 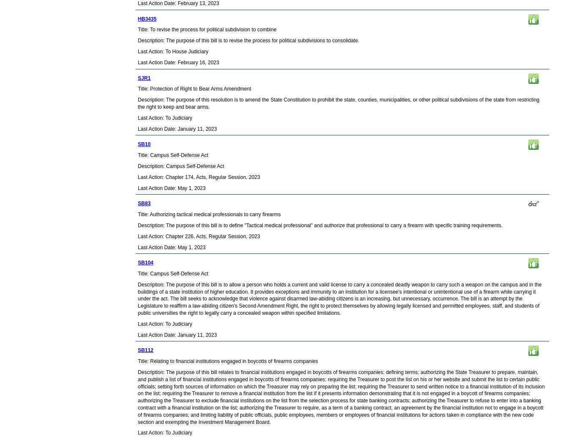 What do you see at coordinates (137, 103) in the screenshot?
I see `'Description: The purpose of this resolution is to amend the State Constitution to prohibit the state, counties, municipalities, or other political subdivisions of the state from restricting the right to keep and bear arms.'` at bounding box center [137, 103].